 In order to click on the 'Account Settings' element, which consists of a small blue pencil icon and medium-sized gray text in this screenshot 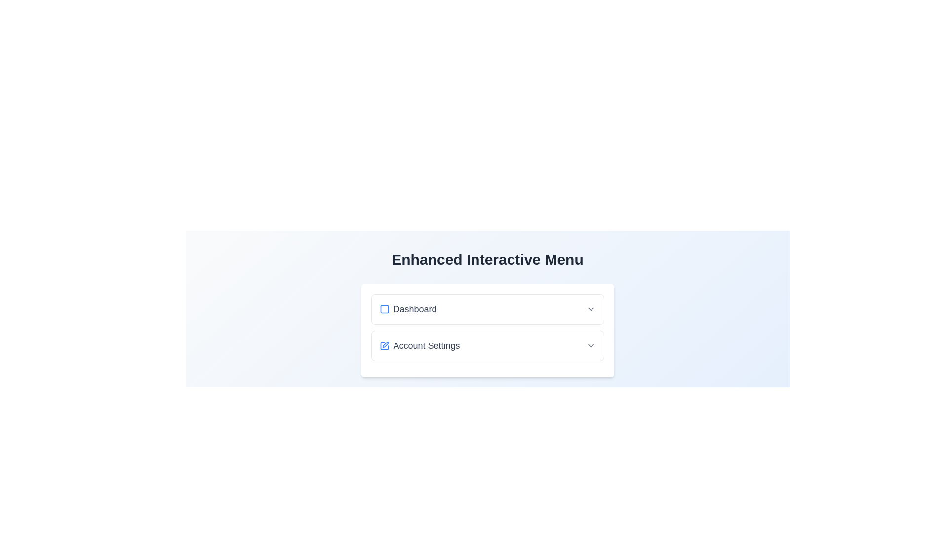, I will do `click(419, 345)`.